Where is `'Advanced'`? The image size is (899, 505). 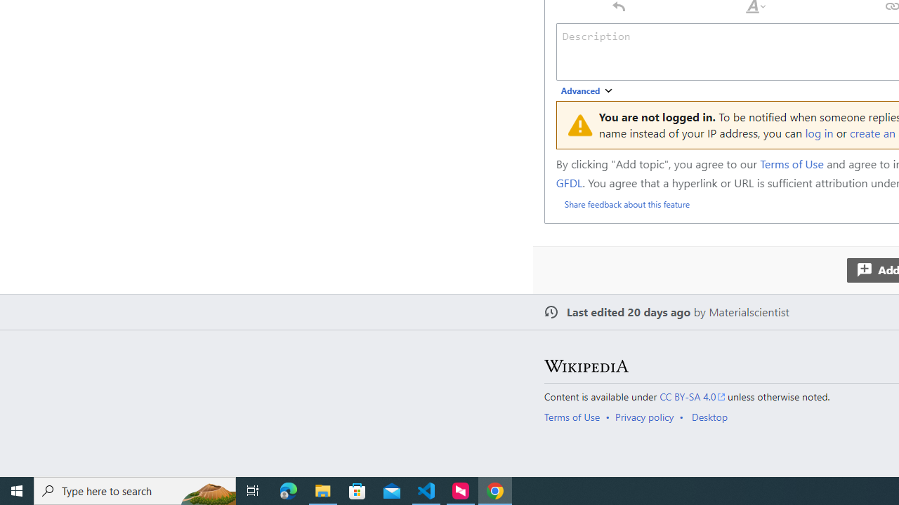 'Advanced' is located at coordinates (587, 90).